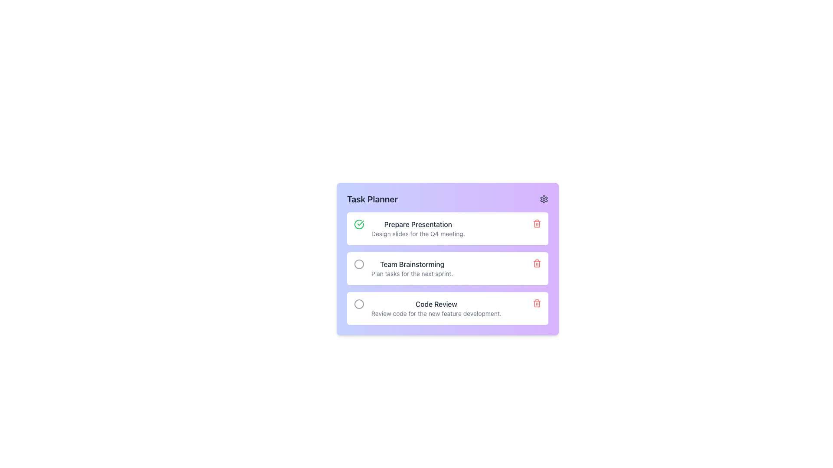 This screenshot has height=468, width=833. I want to click on the interactive trash bin icon located at the far right of the 'Code Review' task, so click(537, 302).